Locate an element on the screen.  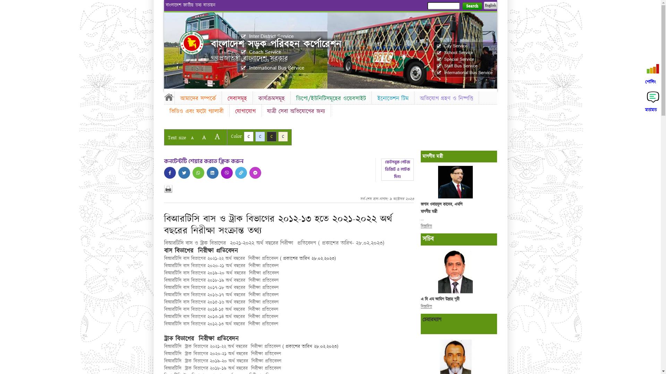
'C' is located at coordinates (259, 136).